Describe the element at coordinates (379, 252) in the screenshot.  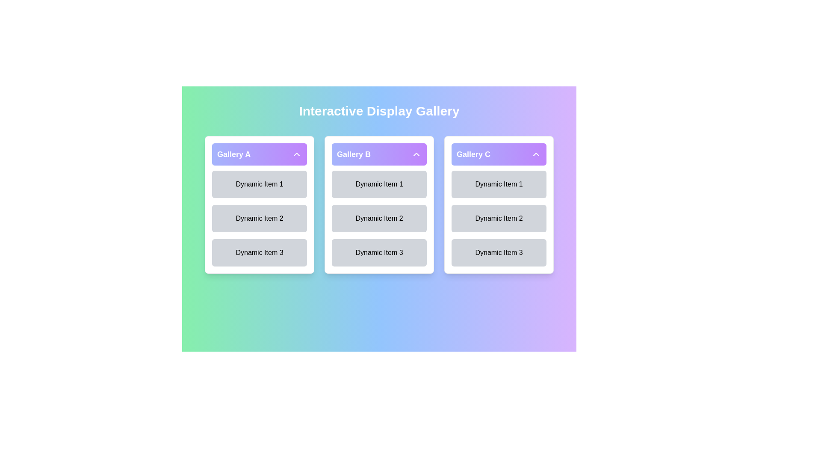
I see `the gray button labeled 'Dynamic Item 3'` at that location.